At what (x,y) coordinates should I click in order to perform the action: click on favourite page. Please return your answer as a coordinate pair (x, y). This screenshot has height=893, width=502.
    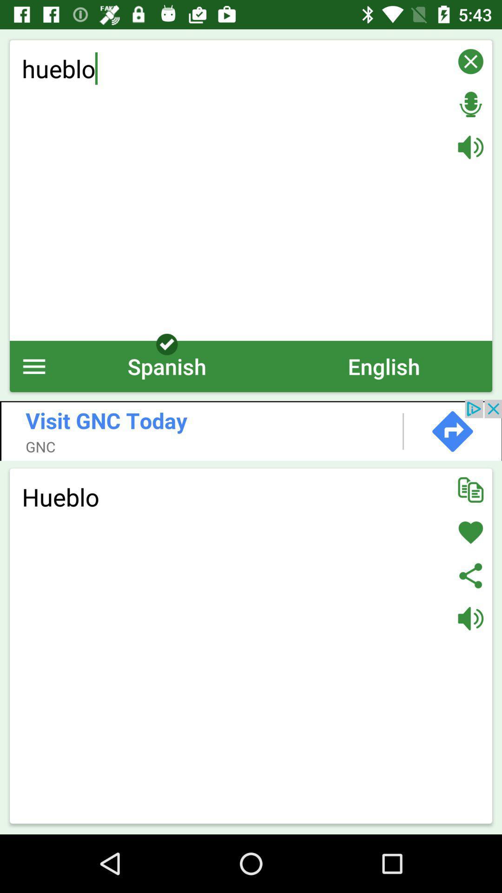
    Looking at the image, I should click on (470, 533).